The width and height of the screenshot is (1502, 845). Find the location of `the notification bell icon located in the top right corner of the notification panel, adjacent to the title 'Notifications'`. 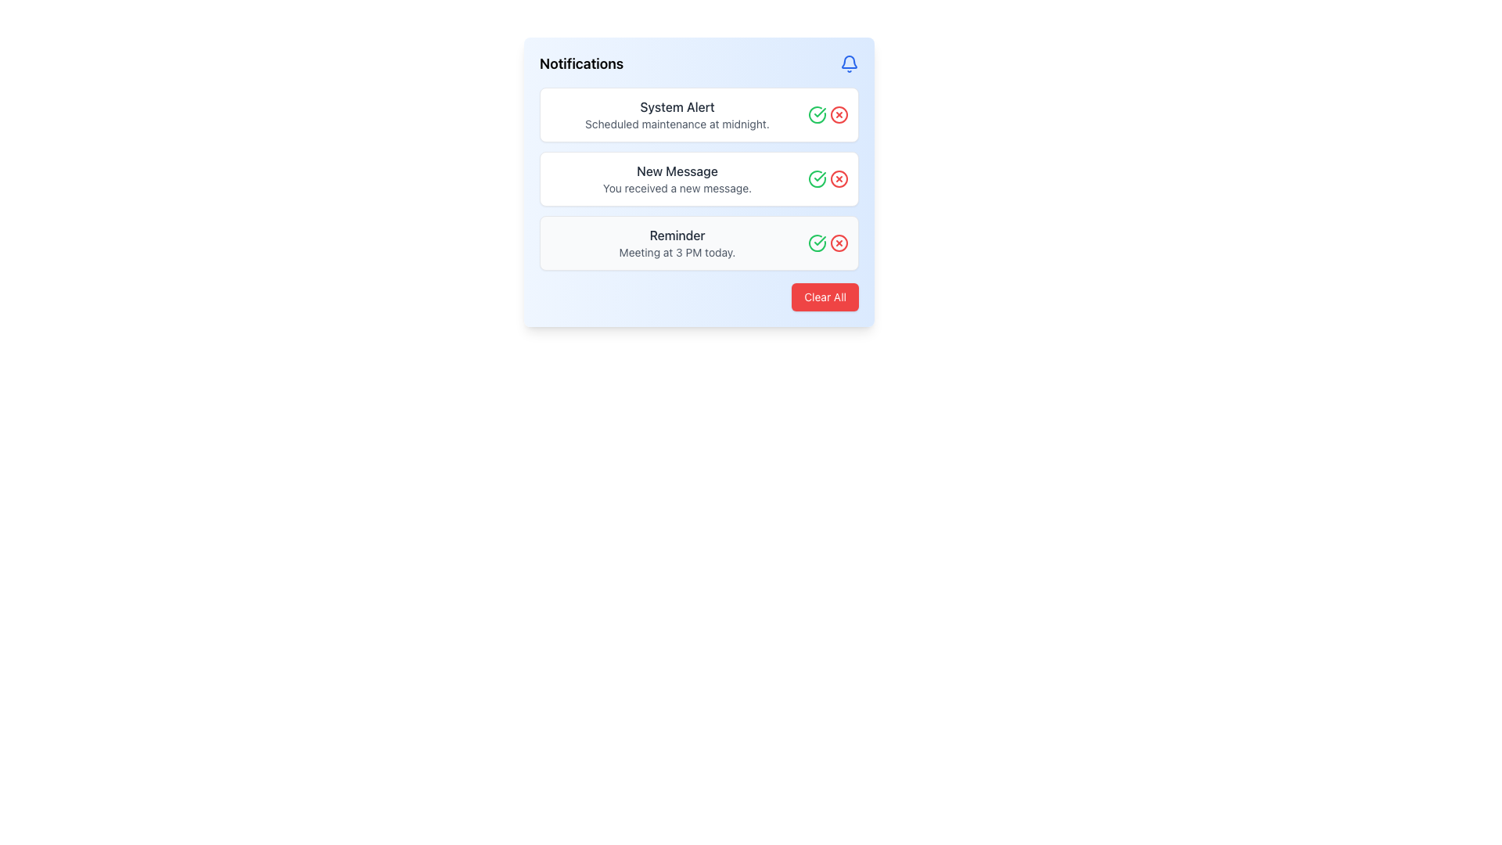

the notification bell icon located in the top right corner of the notification panel, adjacent to the title 'Notifications' is located at coordinates (848, 61).